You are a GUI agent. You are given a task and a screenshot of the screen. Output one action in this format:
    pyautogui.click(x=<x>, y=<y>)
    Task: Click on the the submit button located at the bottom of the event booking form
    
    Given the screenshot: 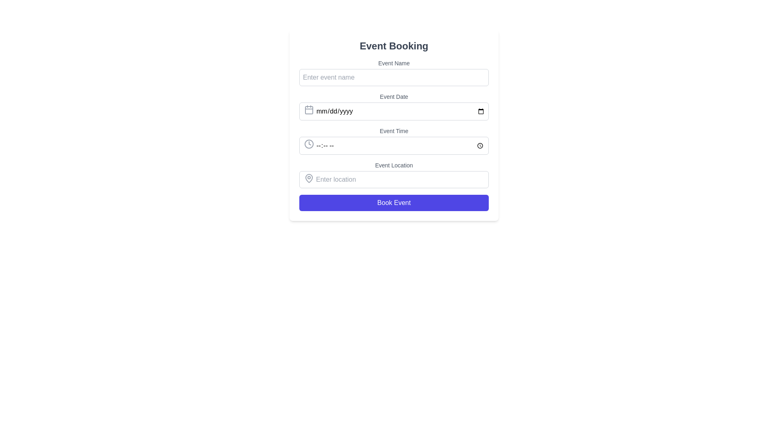 What is the action you would take?
    pyautogui.click(x=394, y=203)
    